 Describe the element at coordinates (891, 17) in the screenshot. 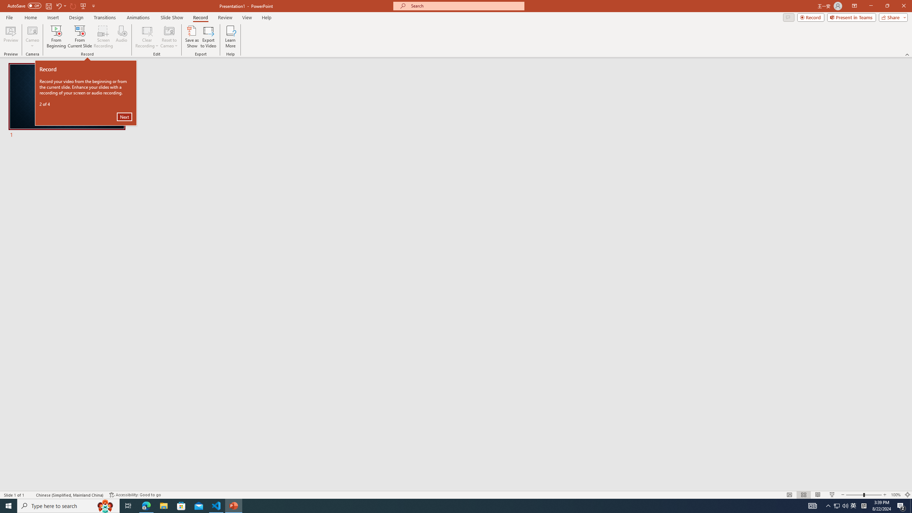

I see `'Share'` at that location.